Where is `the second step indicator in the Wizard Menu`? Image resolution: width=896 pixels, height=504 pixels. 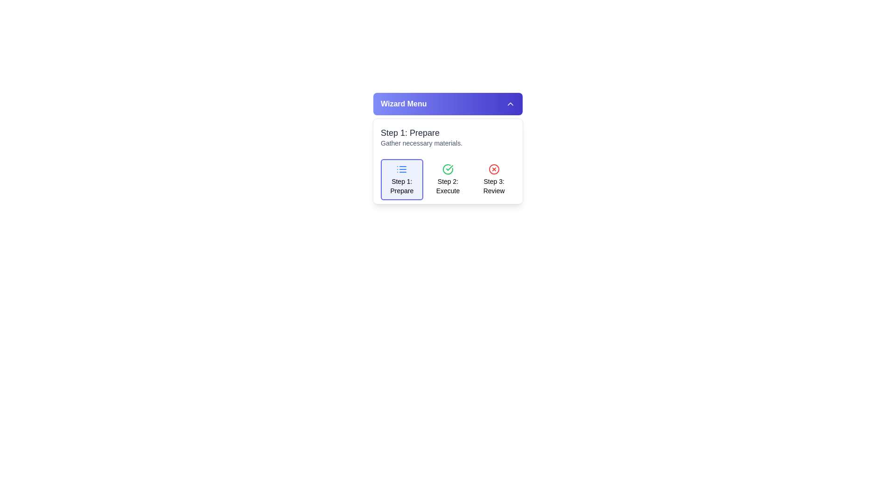
the second step indicator in the Wizard Menu is located at coordinates (448, 161).